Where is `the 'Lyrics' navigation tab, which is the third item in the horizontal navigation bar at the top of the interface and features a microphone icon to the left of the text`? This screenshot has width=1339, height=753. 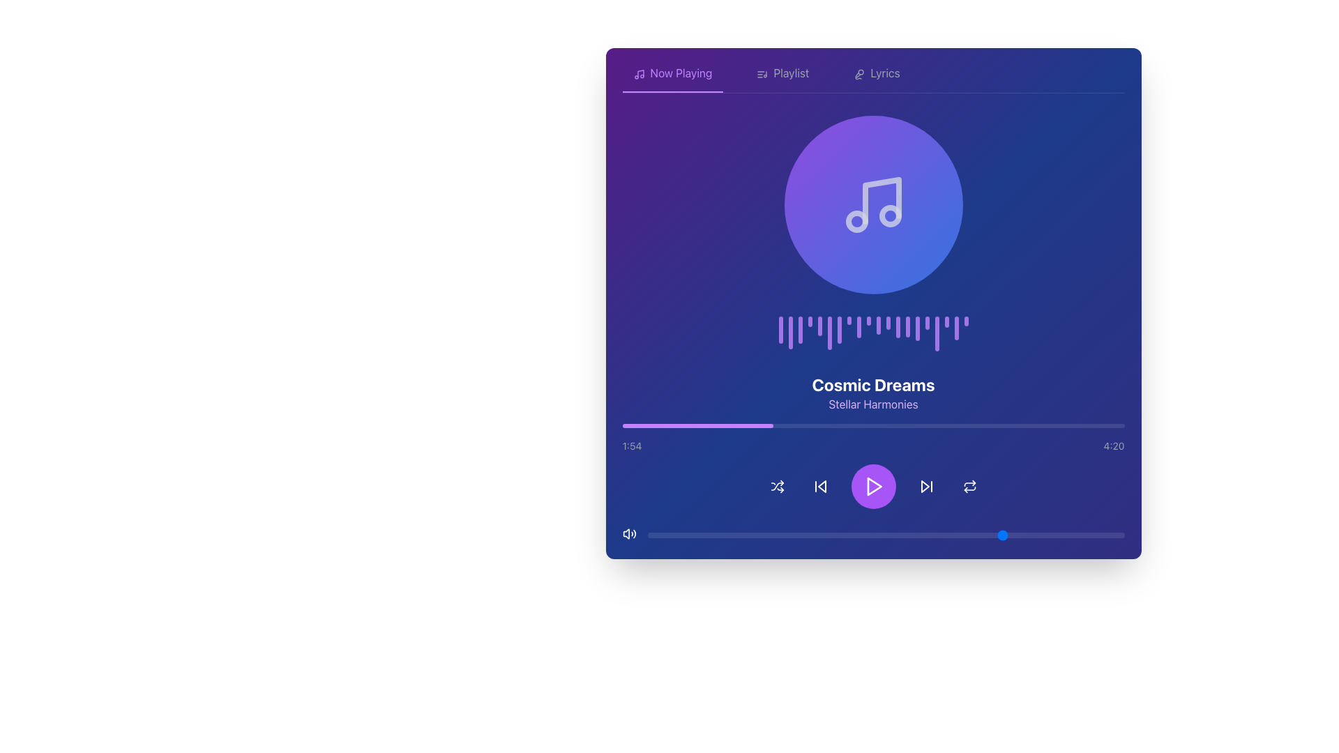
the 'Lyrics' navigation tab, which is the third item in the horizontal navigation bar at the top of the interface and features a microphone icon to the left of the text is located at coordinates (872, 78).